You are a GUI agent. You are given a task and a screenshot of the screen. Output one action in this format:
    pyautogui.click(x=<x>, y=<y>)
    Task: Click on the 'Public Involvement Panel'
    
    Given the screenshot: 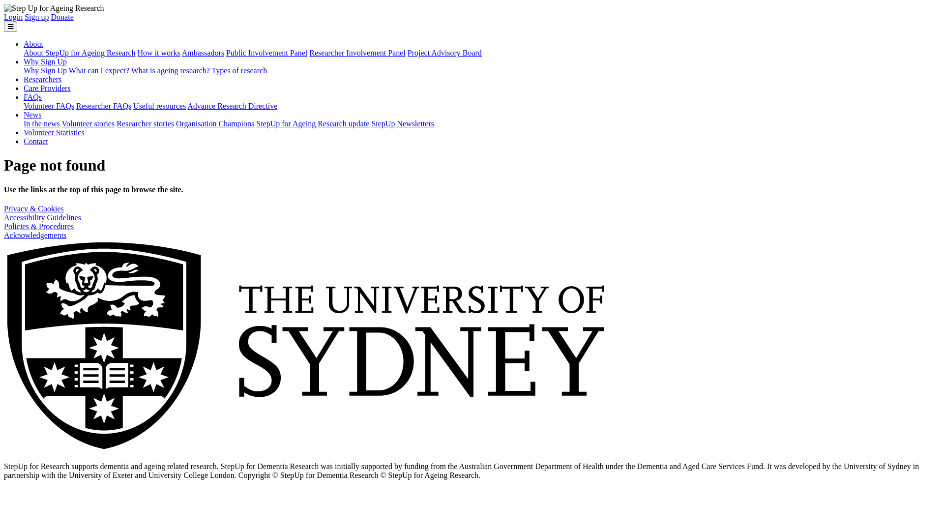 What is the action you would take?
    pyautogui.click(x=266, y=53)
    